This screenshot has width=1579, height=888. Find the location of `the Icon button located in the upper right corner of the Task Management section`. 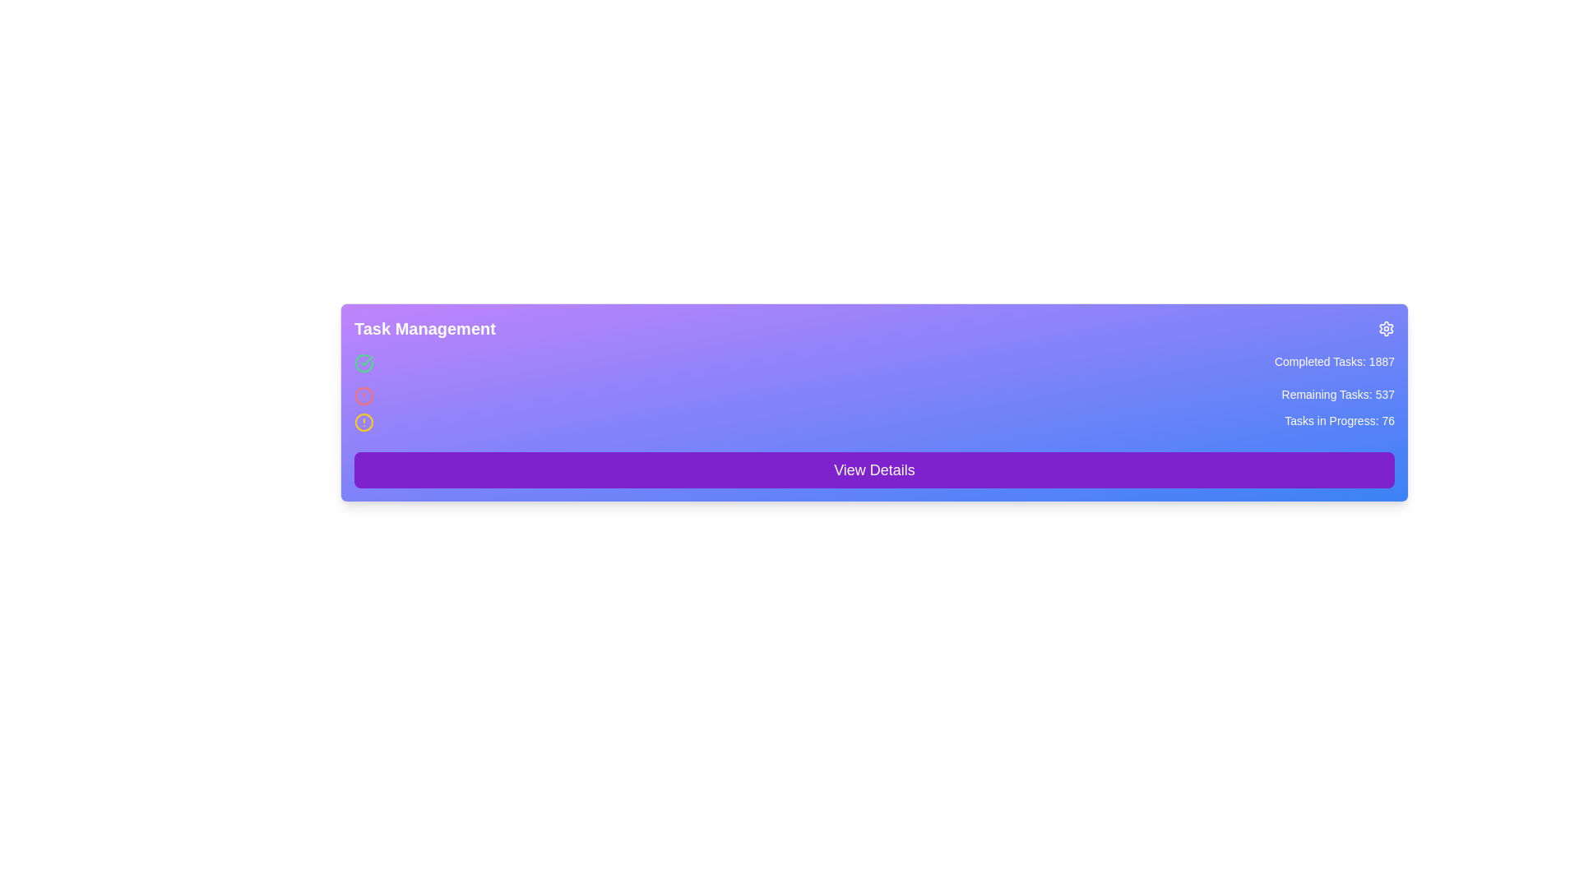

the Icon button located in the upper right corner of the Task Management section is located at coordinates (1385, 329).